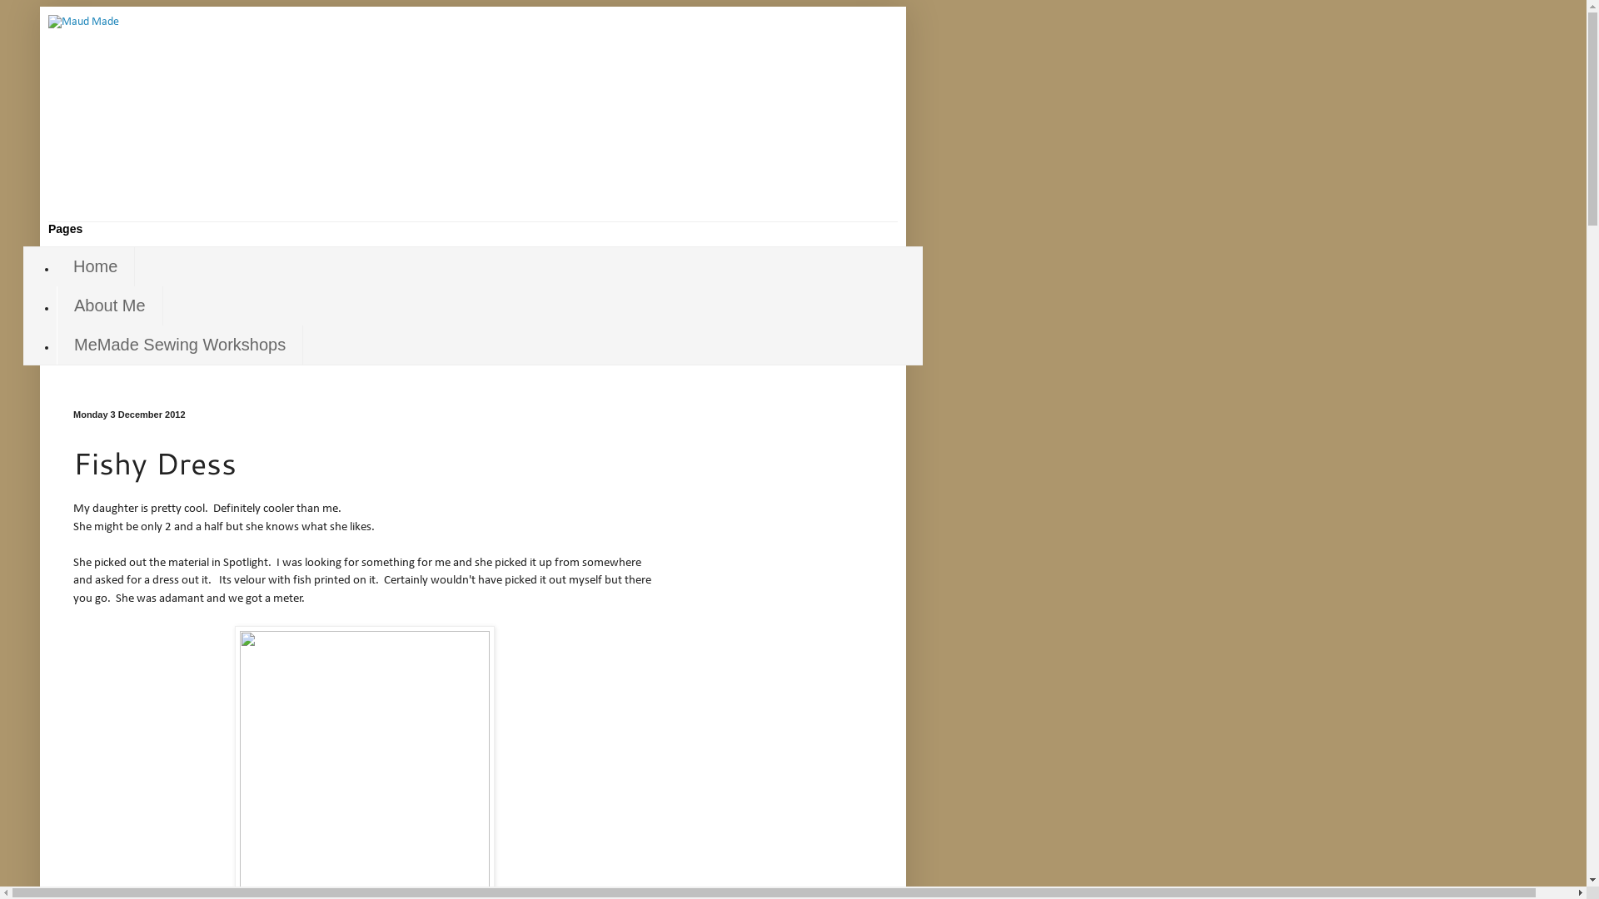  What do you see at coordinates (109, 305) in the screenshot?
I see `'About Me'` at bounding box center [109, 305].